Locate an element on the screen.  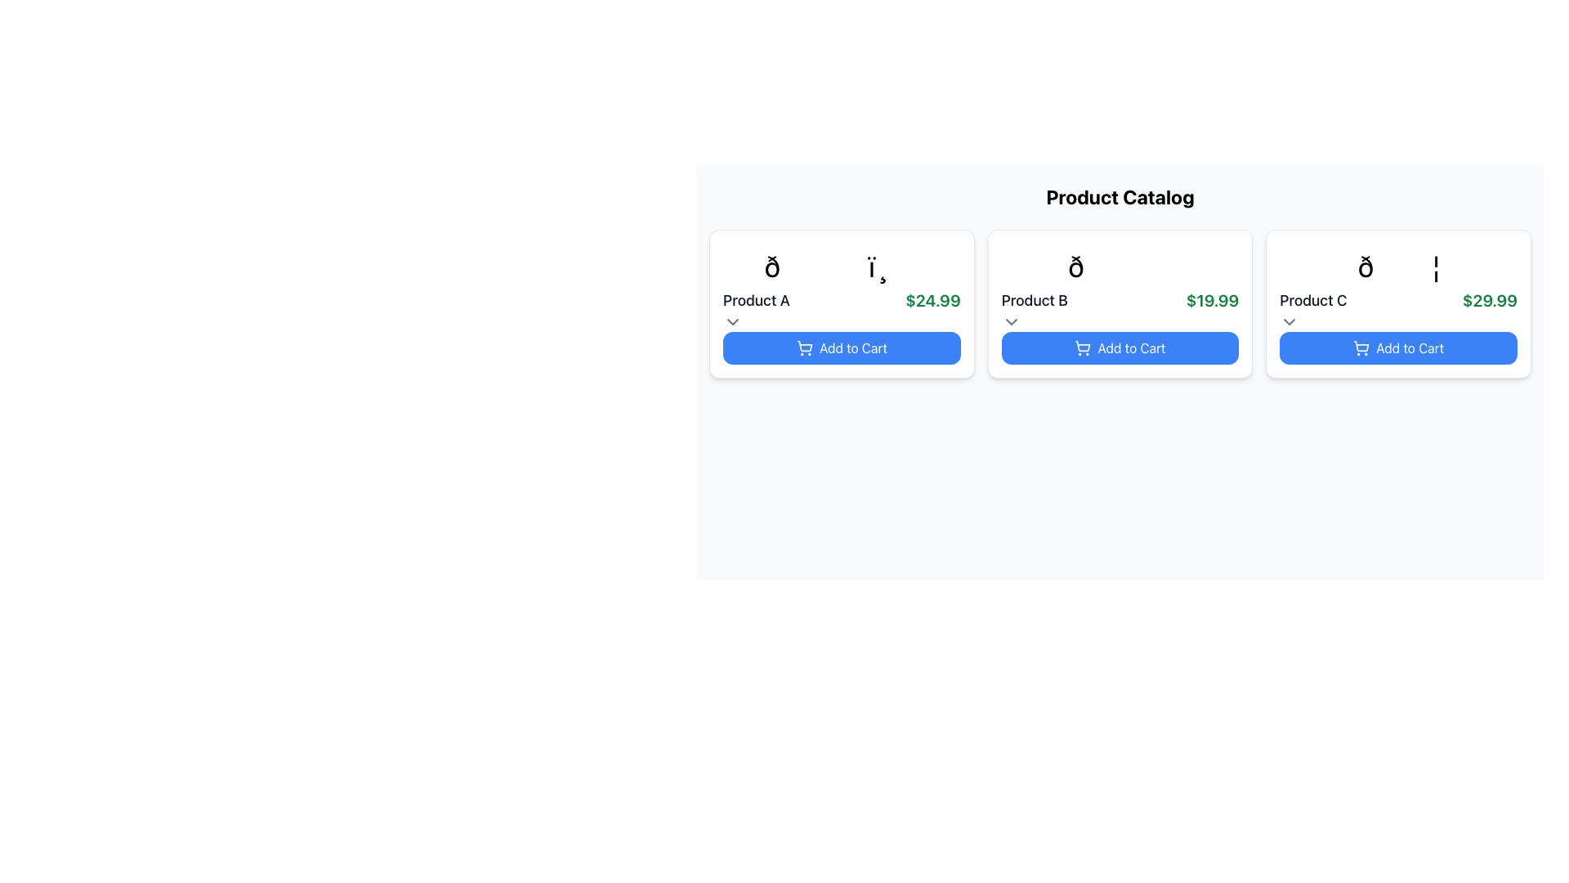
the text label displaying the price '$19.99' in green, bold, and larger font size, which is aligned to the right next to the title 'Product B' in the second card of the product cards is located at coordinates (1212, 300).